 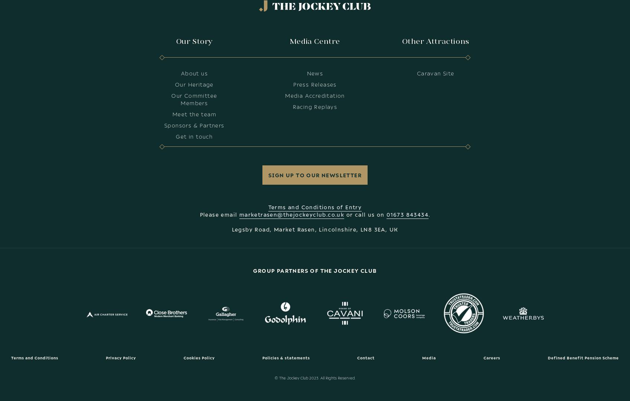 What do you see at coordinates (174, 84) in the screenshot?
I see `'Our Heritage'` at bounding box center [174, 84].